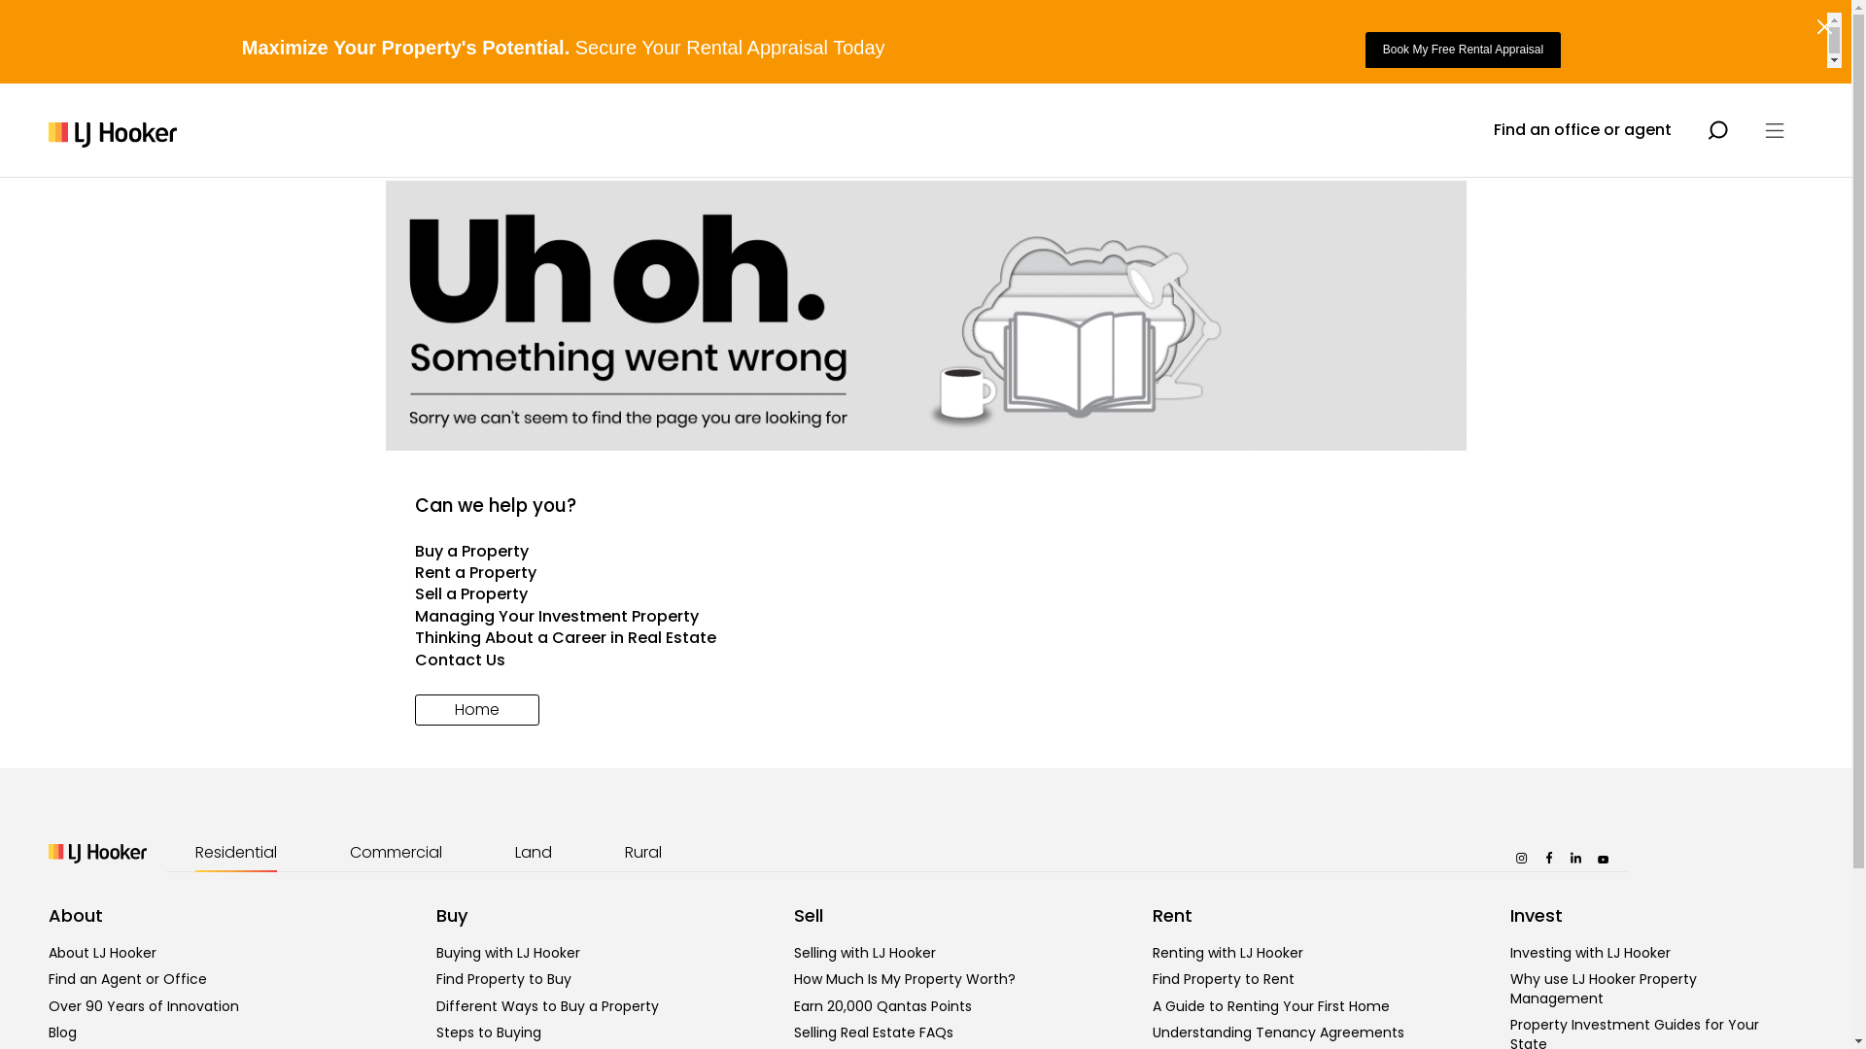  Describe the element at coordinates (413, 572) in the screenshot. I see `'Rent a Property'` at that location.